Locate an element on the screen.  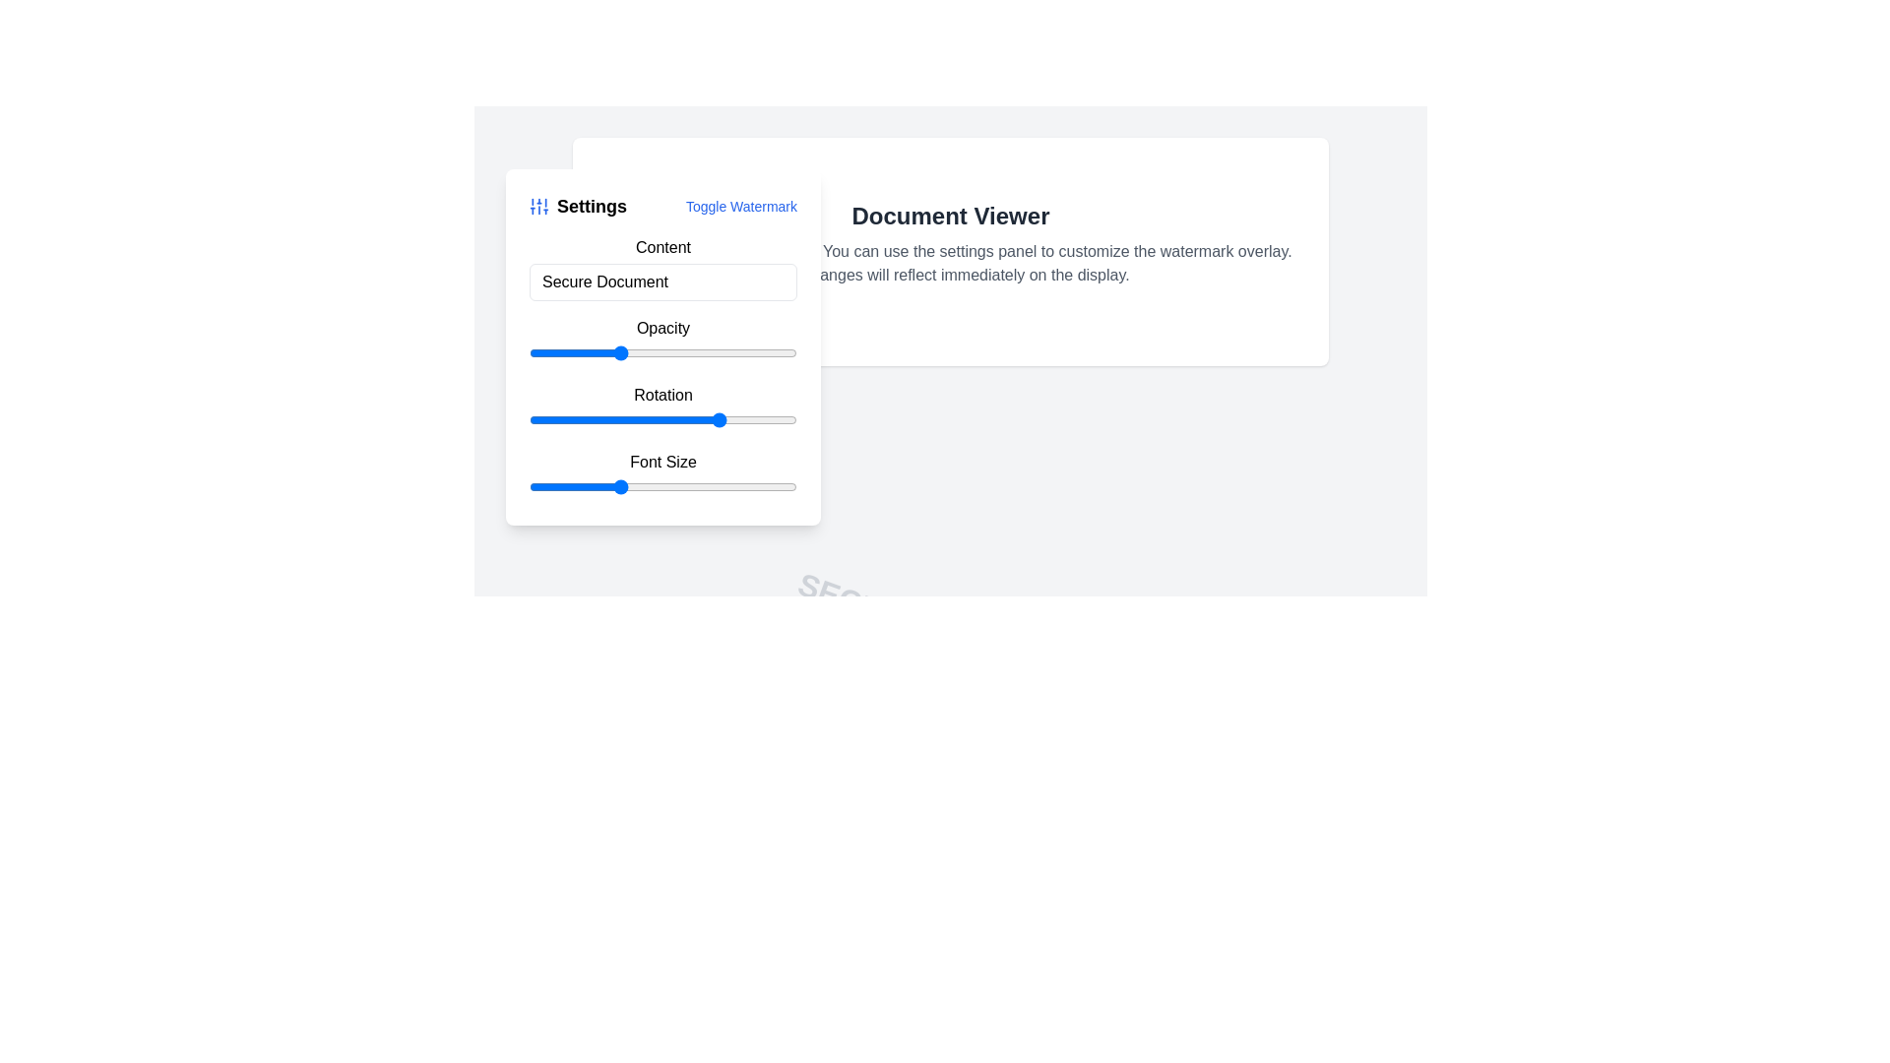
the rotation value is located at coordinates (561, 419).